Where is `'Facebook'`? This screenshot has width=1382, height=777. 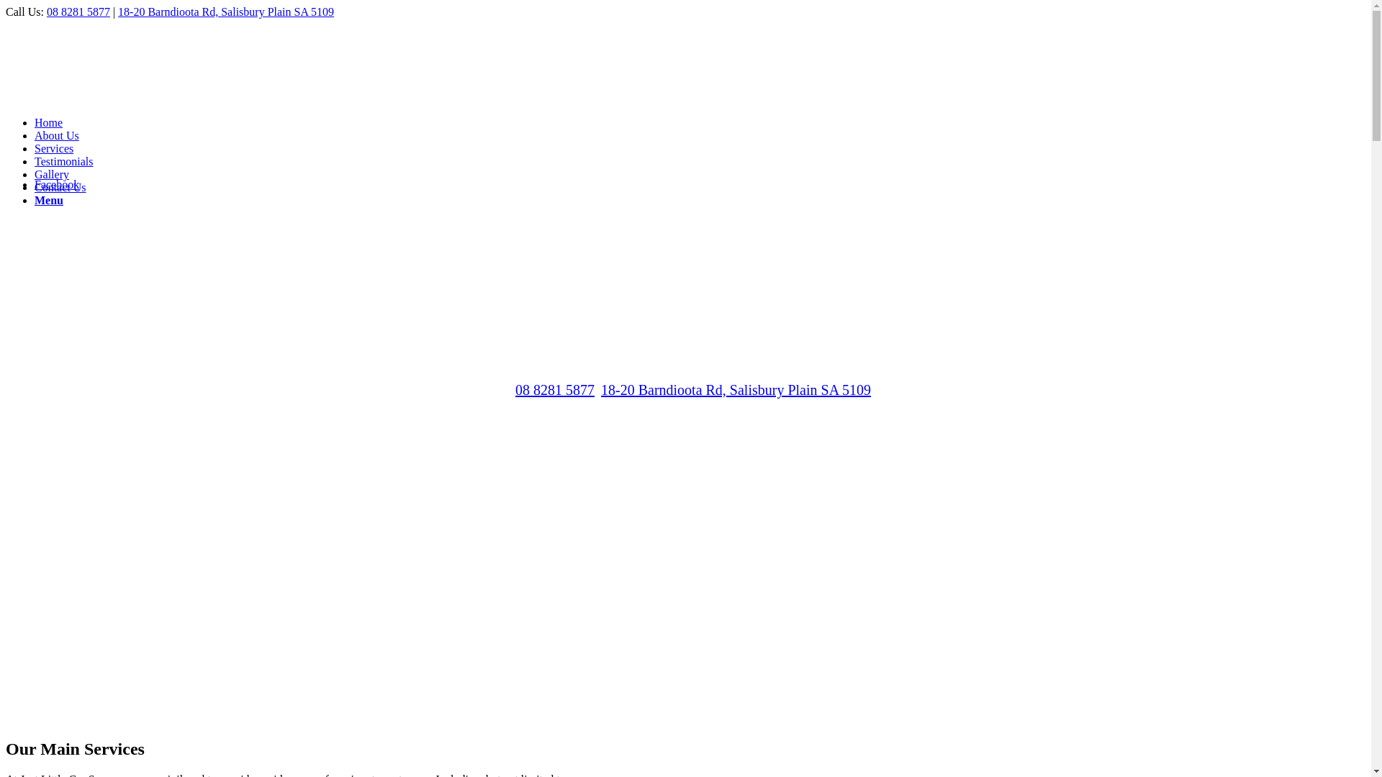
'Facebook' is located at coordinates (56, 183).